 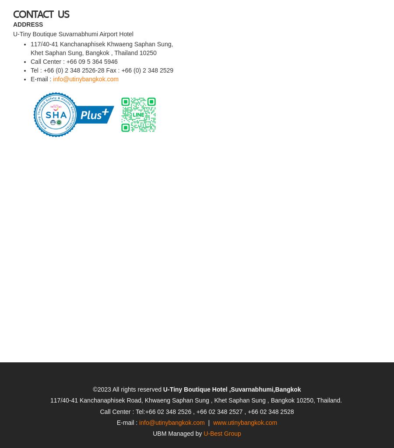 What do you see at coordinates (197, 375) in the screenshot?
I see `'117/40-41 Kanchanaphisek Road, Khwaeng Saphan Sung , Khet Saphan Sung , Bangkok 10250, Thailand.'` at bounding box center [197, 375].